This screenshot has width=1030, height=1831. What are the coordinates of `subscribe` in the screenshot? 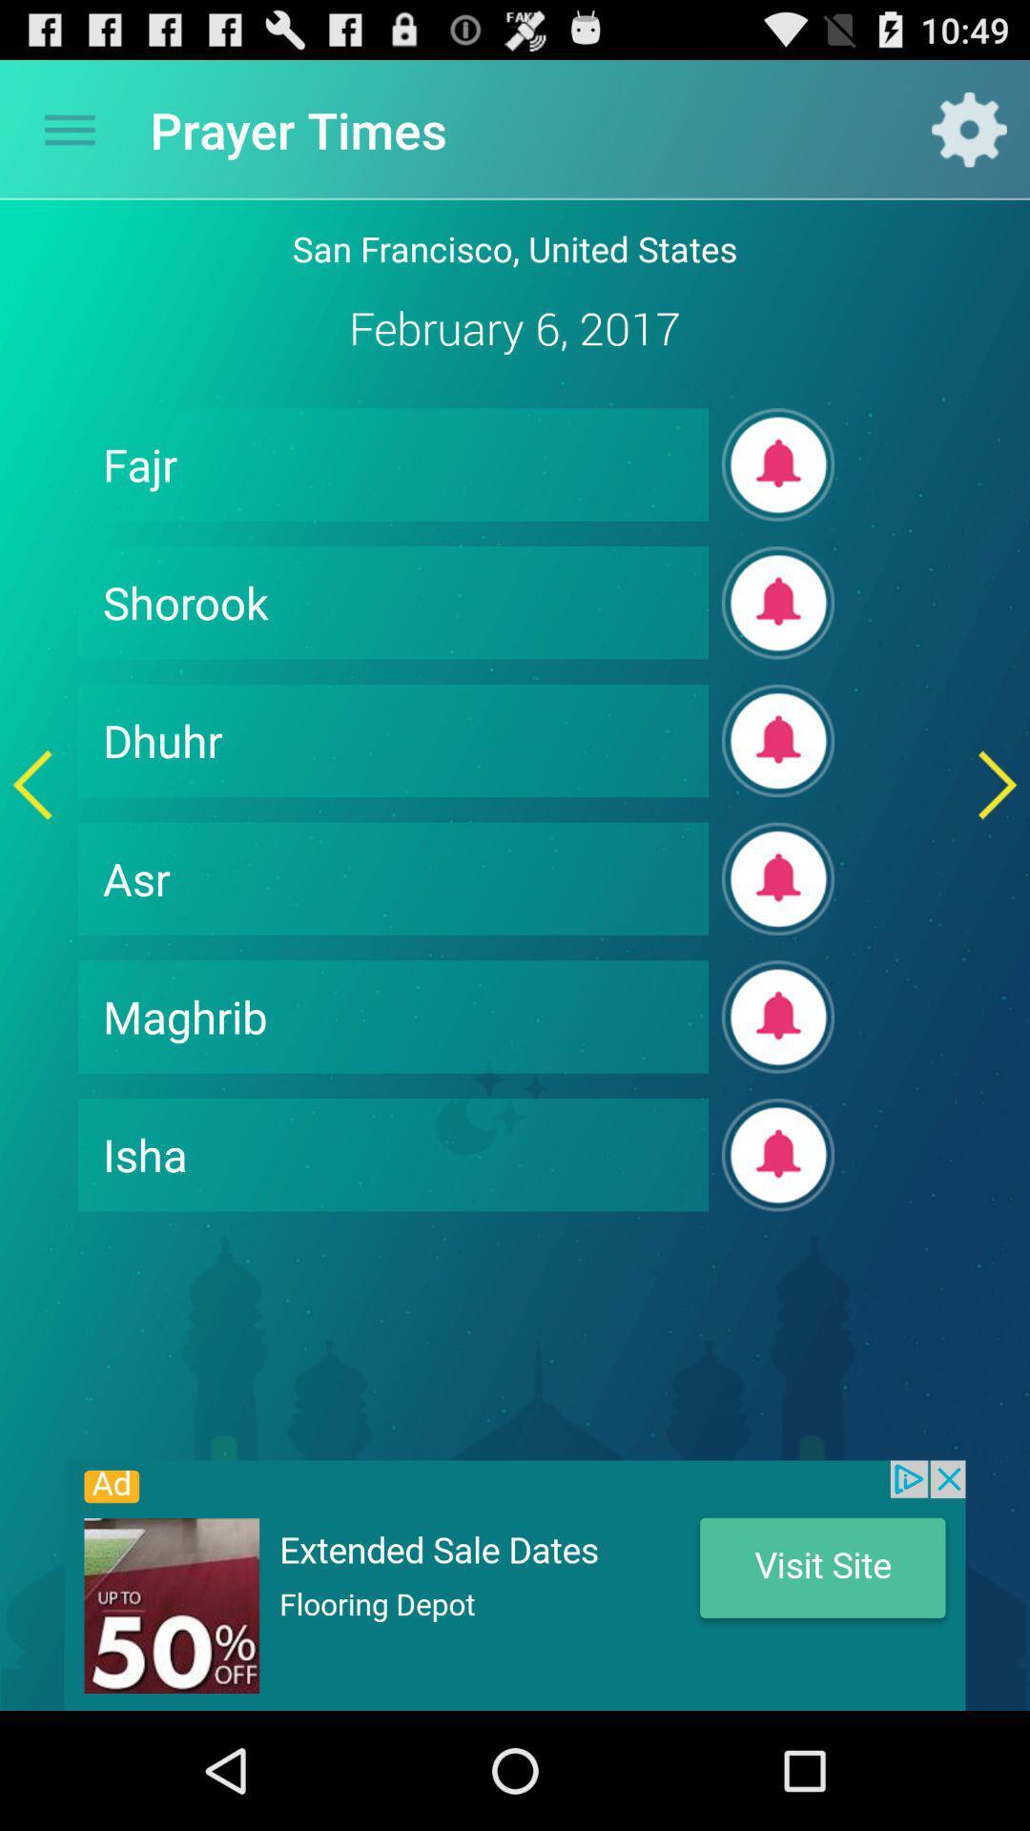 It's located at (778, 464).